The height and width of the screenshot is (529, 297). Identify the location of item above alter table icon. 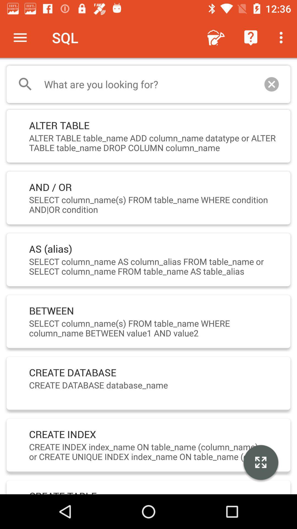
(148, 84).